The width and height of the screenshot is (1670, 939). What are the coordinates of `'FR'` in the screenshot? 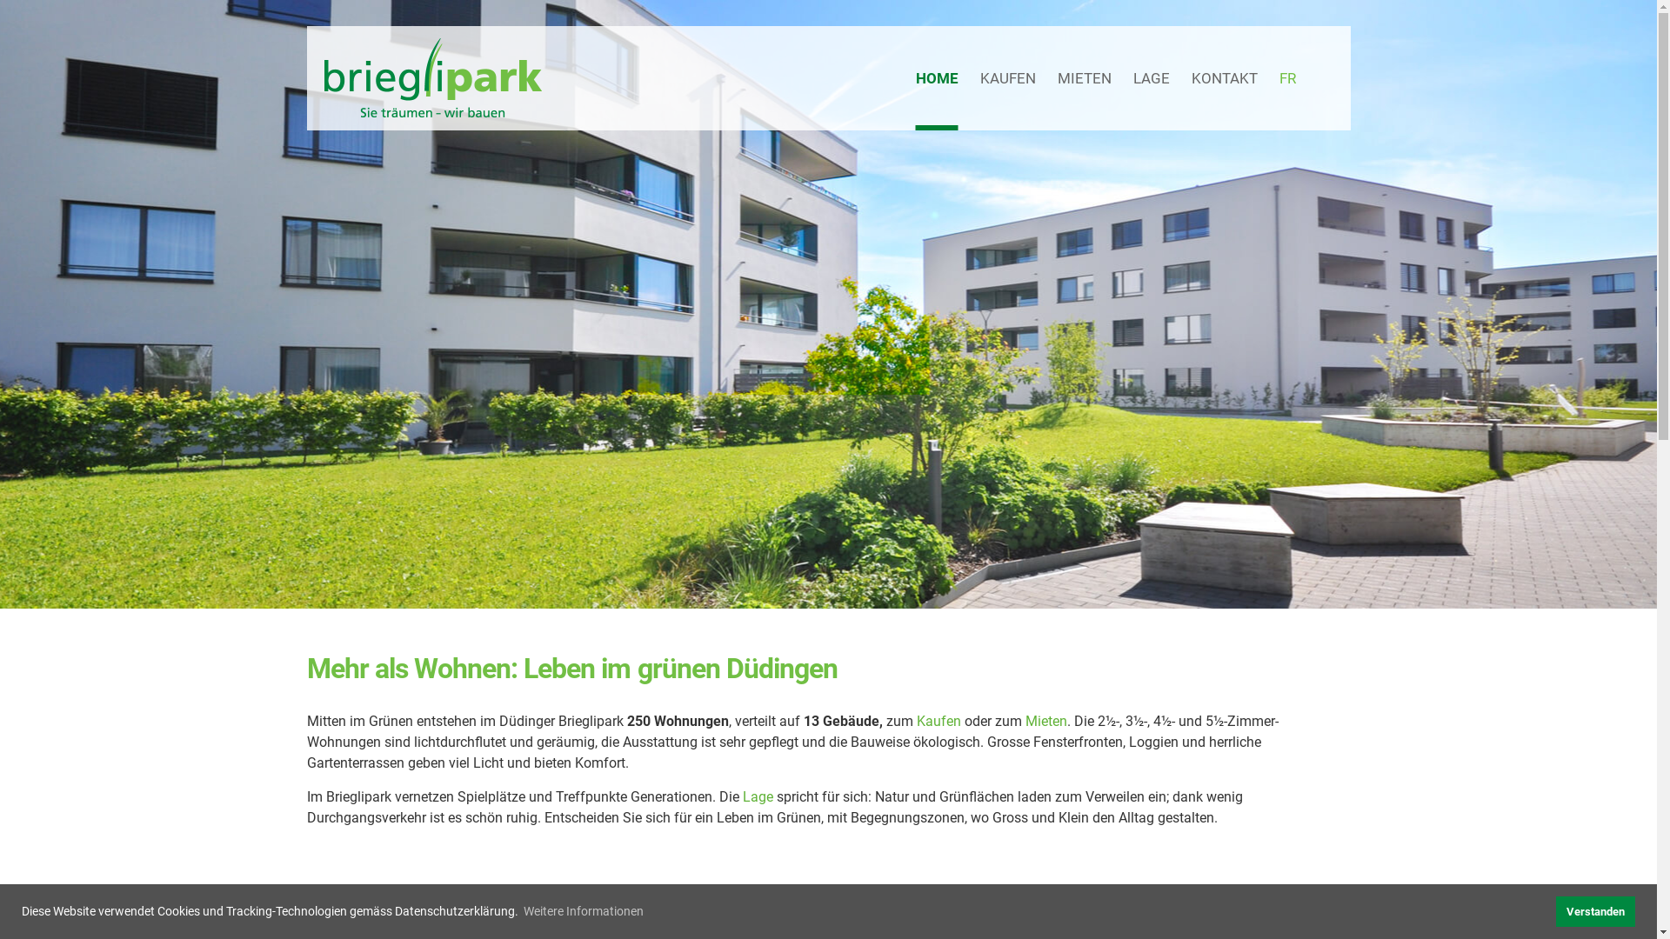 It's located at (1286, 77).